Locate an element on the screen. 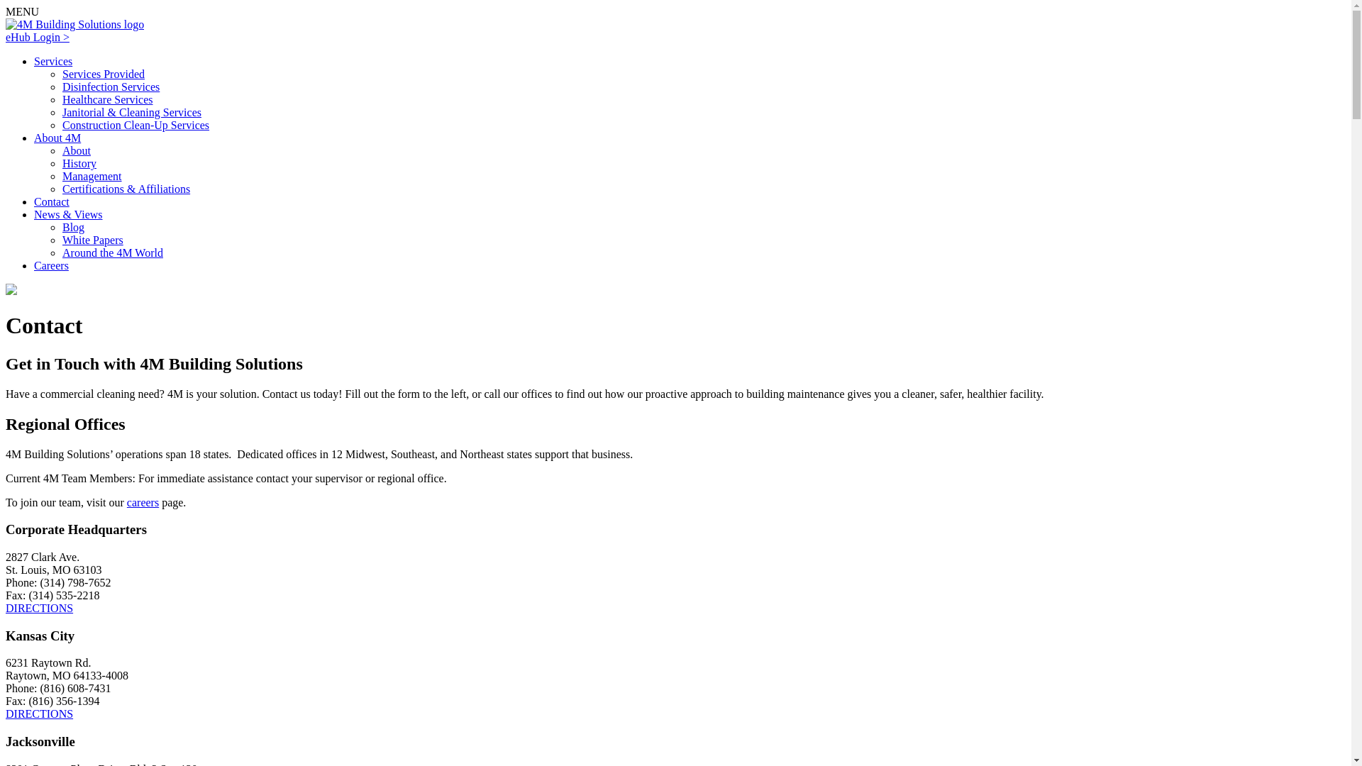  'Careers' is located at coordinates (51, 265).